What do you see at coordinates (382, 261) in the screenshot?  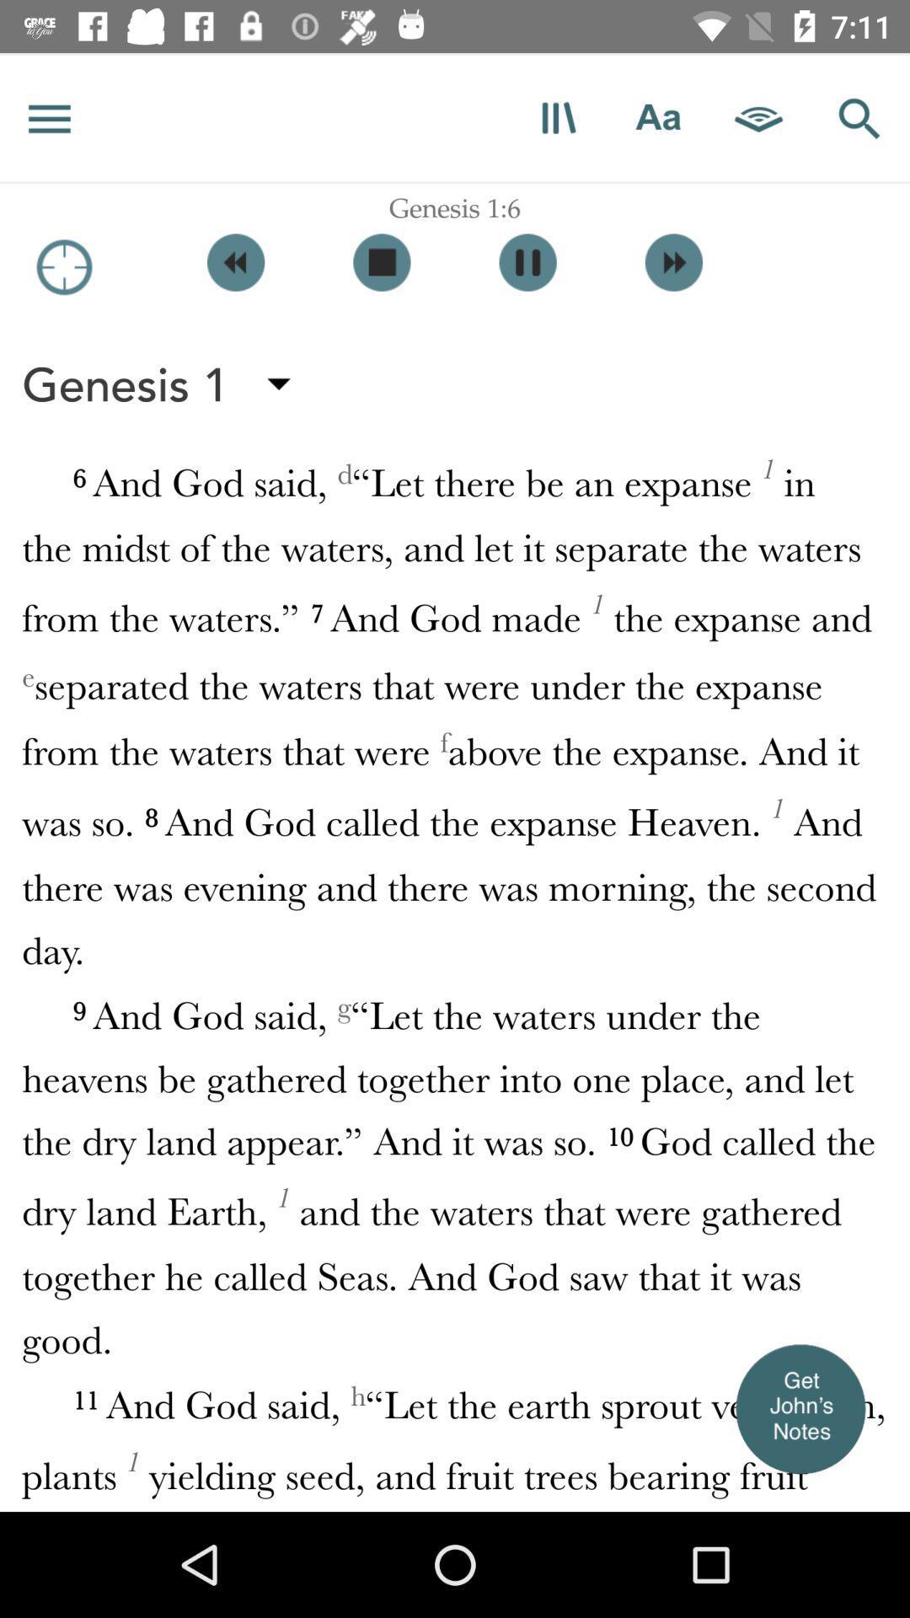 I see `audio off` at bounding box center [382, 261].